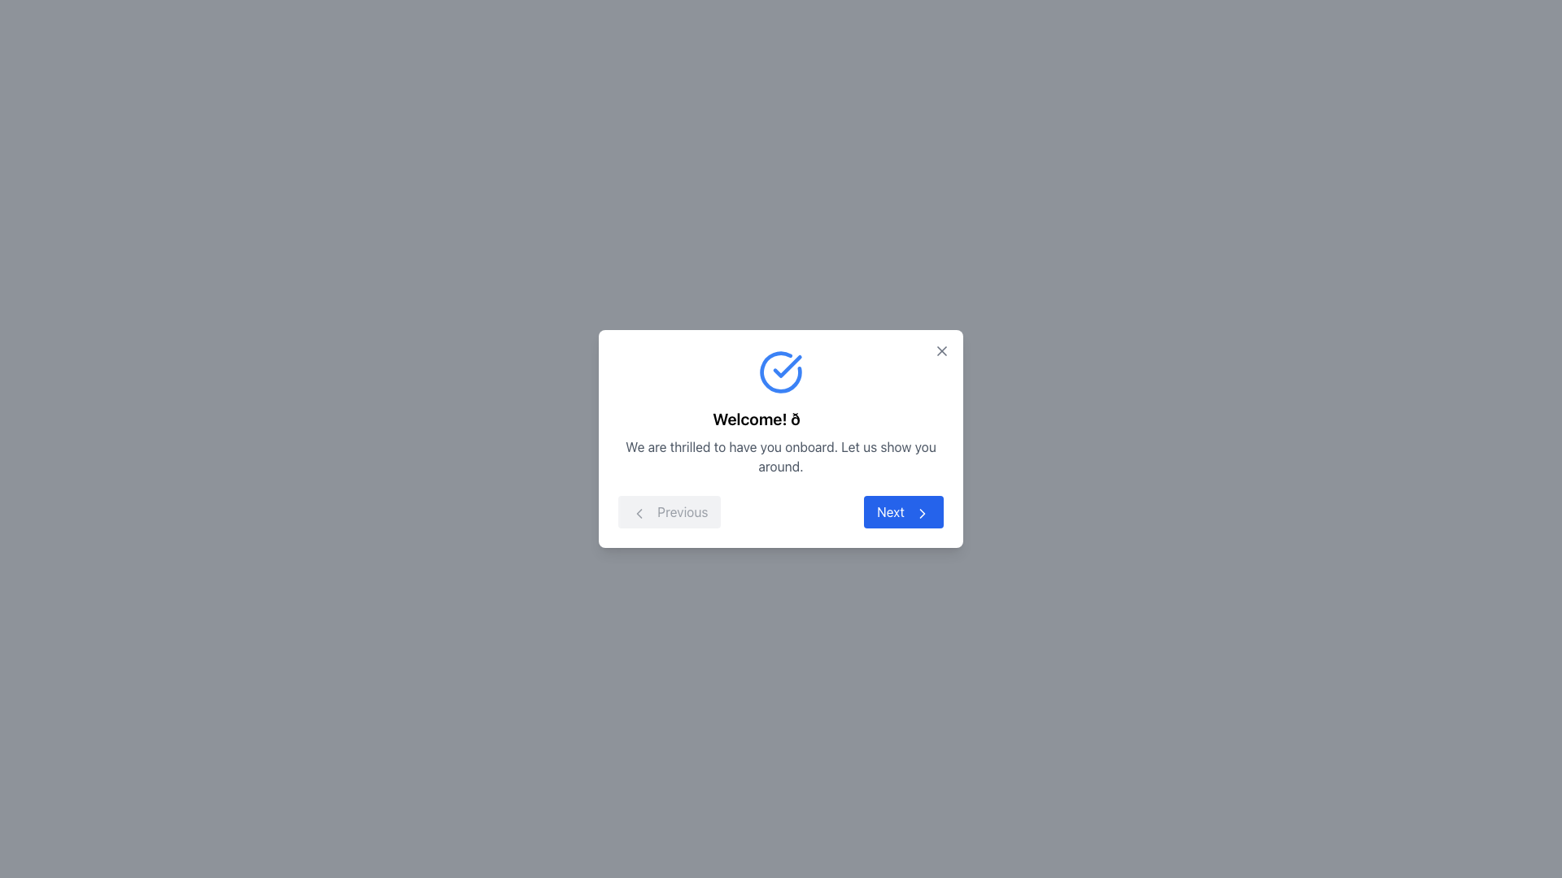 The height and width of the screenshot is (878, 1562). I want to click on the left-pointing chevron icon inside the light gray rectangular 'Previous' button, so click(639, 513).